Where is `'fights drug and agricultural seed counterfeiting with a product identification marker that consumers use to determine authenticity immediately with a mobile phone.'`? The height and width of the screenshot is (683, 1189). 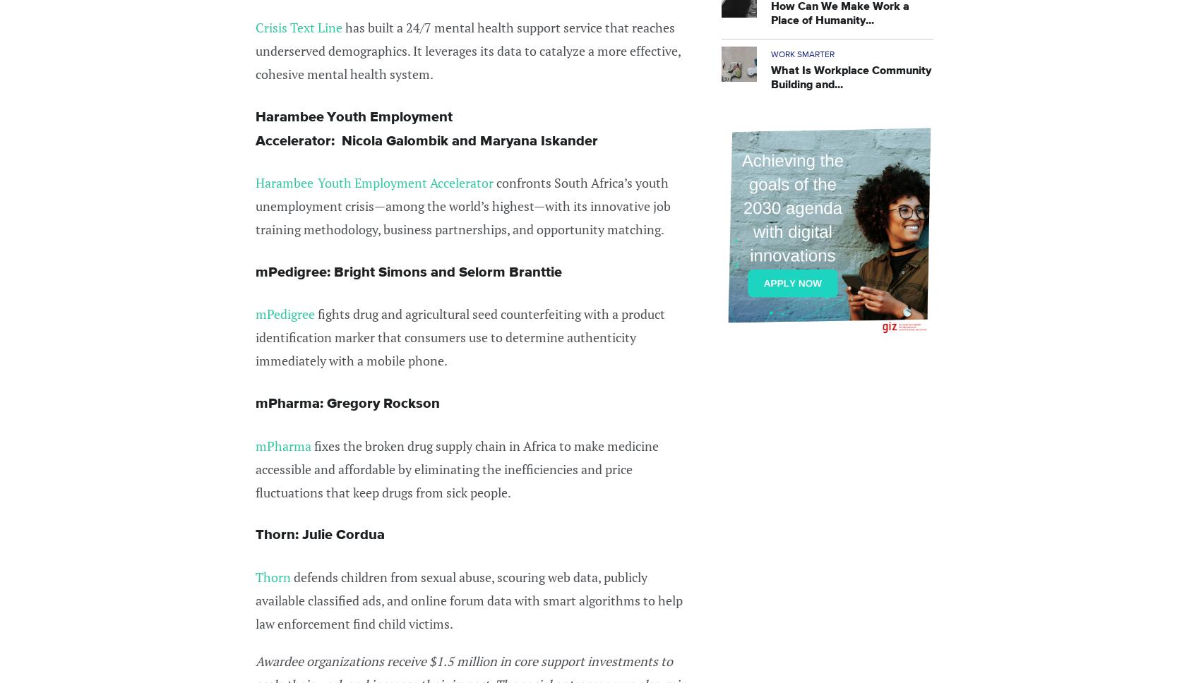
'fights drug and agricultural seed counterfeiting with a product identification marker that consumers use to determine authenticity immediately with a mobile phone.' is located at coordinates (460, 336).